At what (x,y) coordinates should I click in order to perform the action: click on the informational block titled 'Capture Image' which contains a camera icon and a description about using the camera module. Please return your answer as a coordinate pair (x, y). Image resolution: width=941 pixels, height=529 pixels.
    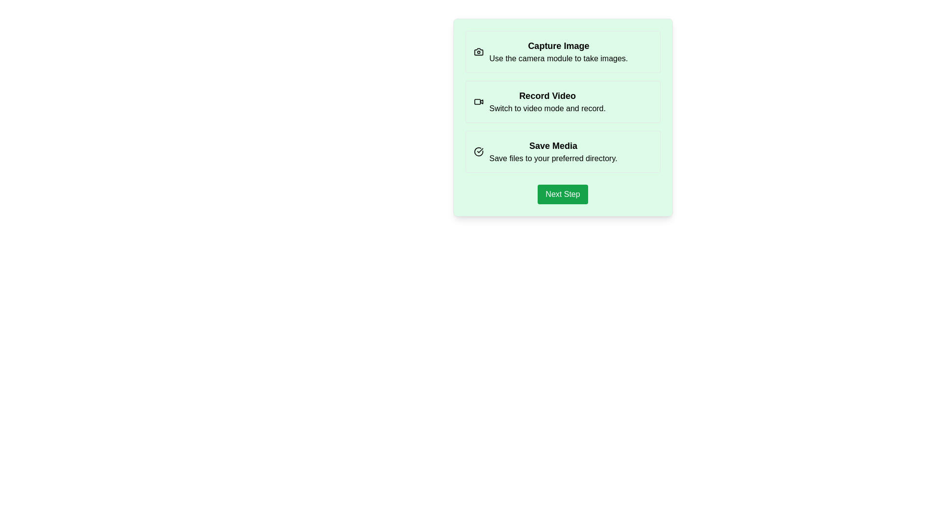
    Looking at the image, I should click on (563, 51).